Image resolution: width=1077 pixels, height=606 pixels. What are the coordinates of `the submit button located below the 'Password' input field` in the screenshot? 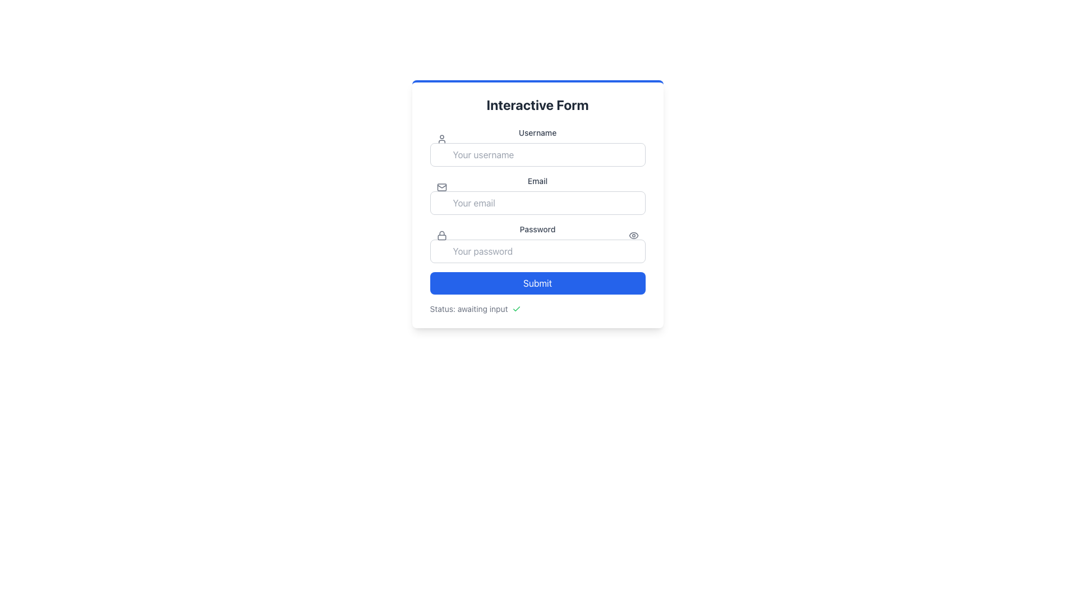 It's located at (537, 283).